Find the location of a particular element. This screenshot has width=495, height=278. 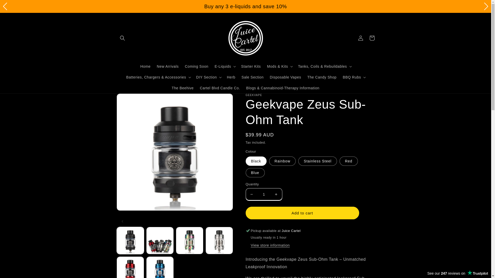

'Coming Soon' is located at coordinates (196, 66).